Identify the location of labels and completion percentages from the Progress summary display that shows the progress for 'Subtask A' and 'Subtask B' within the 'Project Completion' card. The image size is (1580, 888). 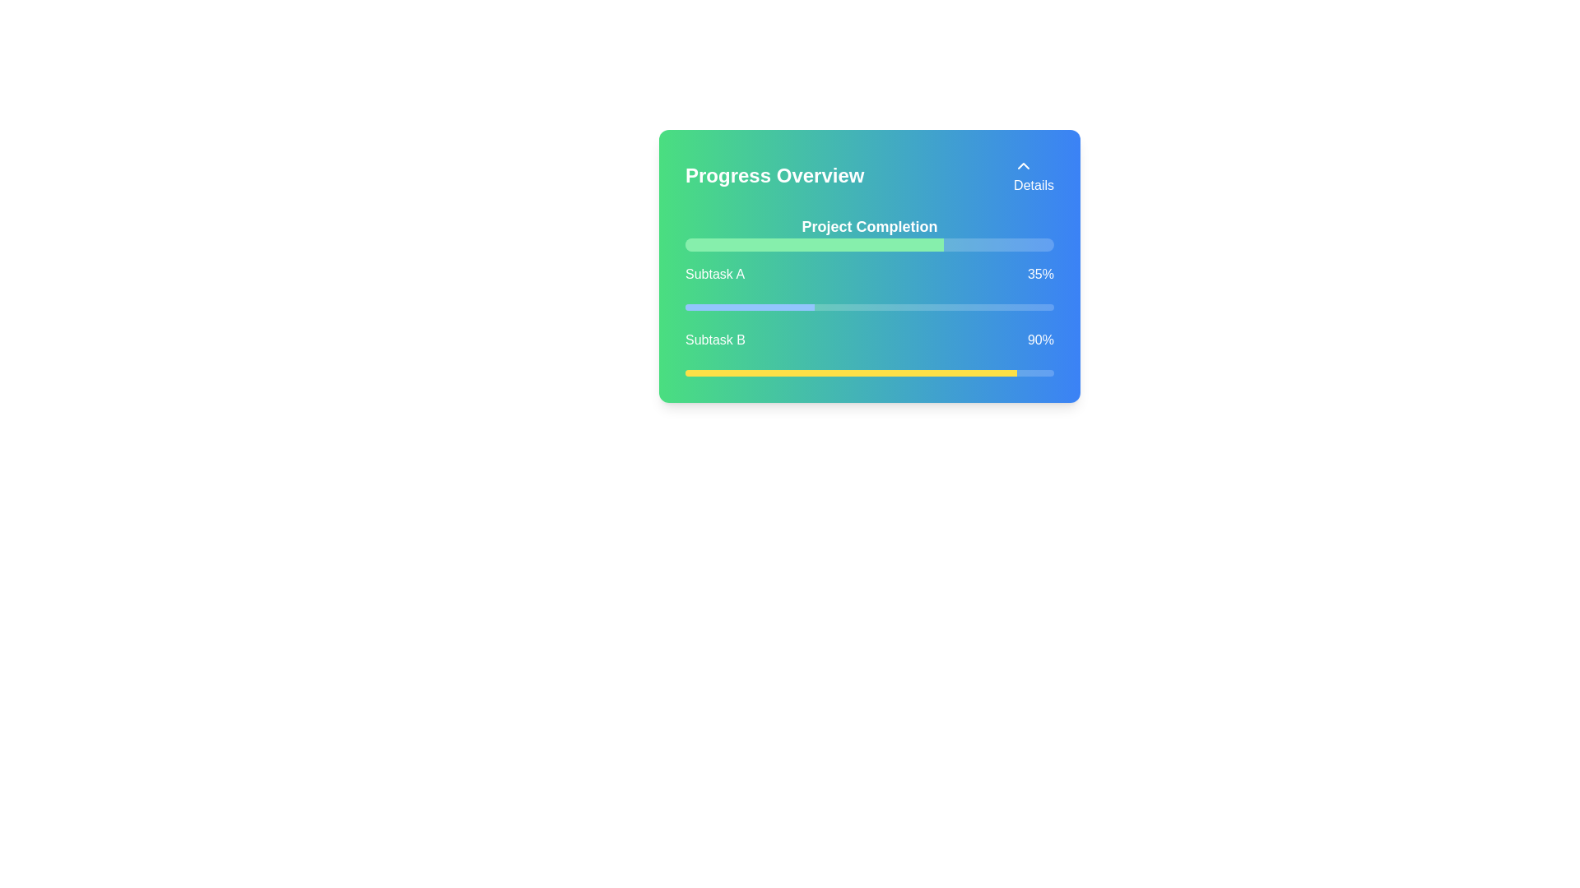
(868, 320).